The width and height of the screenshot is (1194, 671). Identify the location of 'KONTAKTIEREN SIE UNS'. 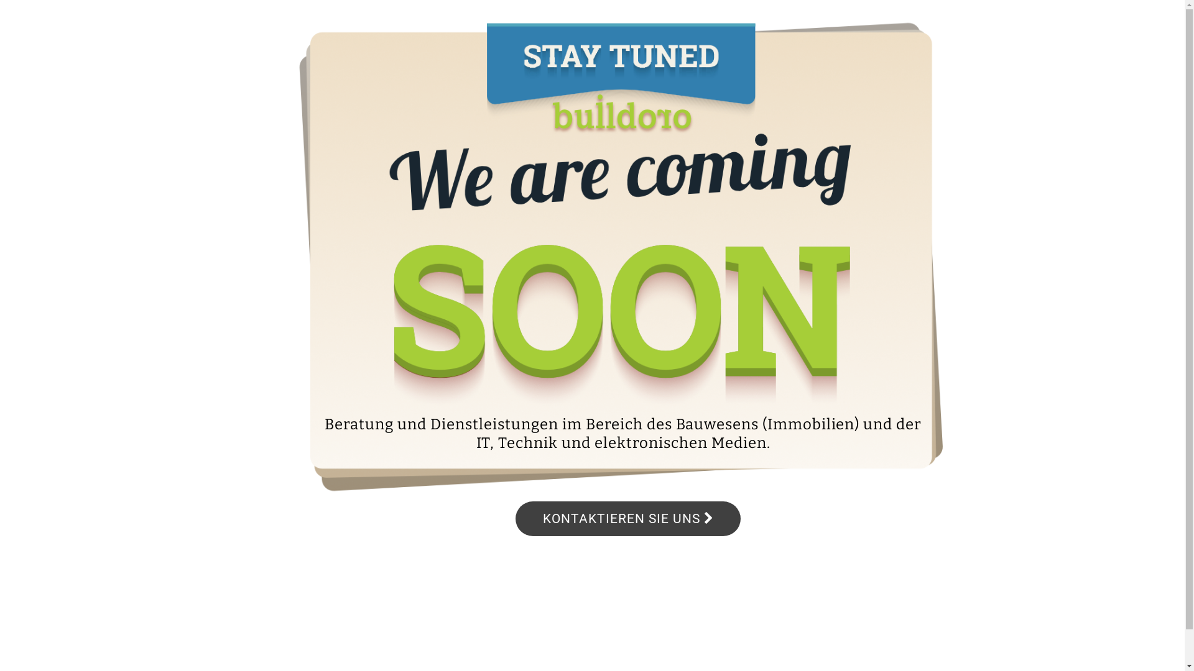
(627, 518).